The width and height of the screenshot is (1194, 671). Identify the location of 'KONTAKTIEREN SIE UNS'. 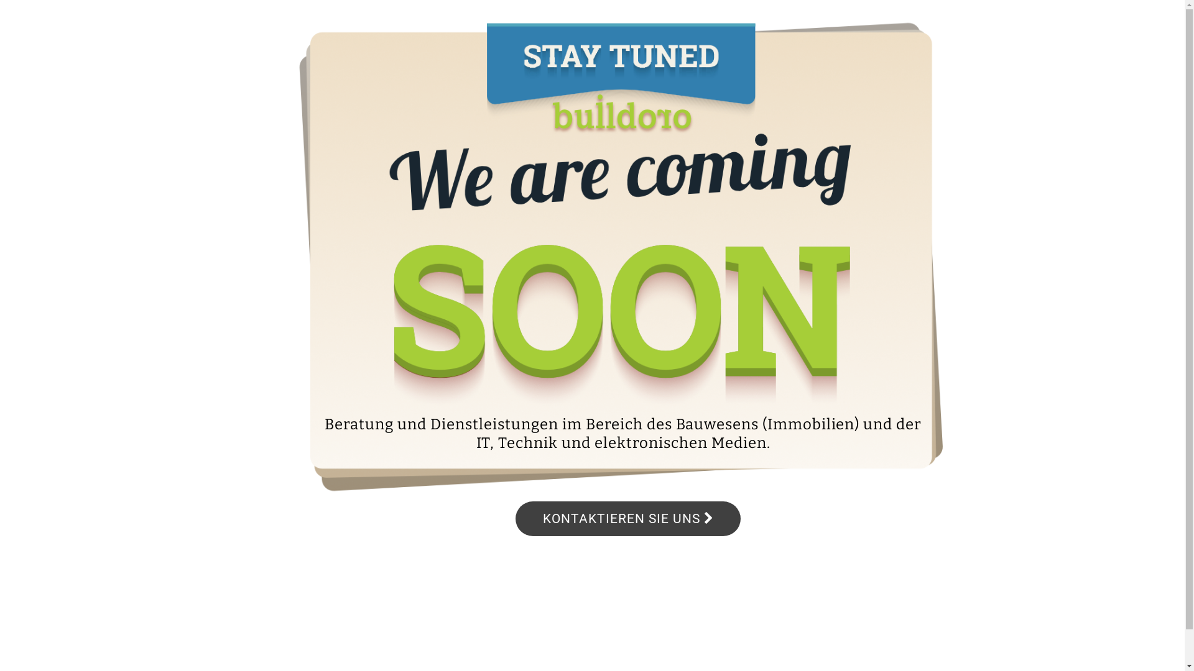
(627, 518).